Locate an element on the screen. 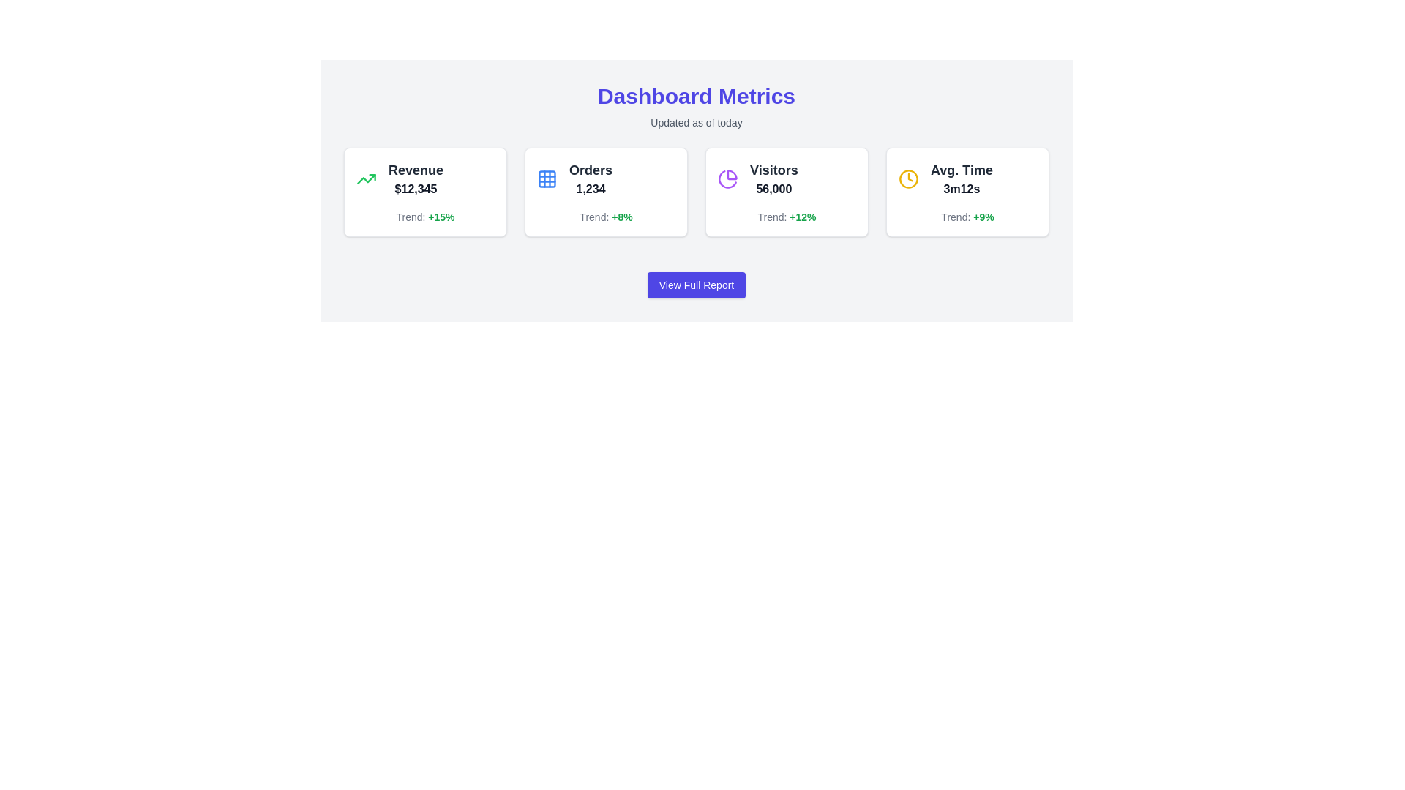 The width and height of the screenshot is (1405, 790). financial metric card displaying 'Revenue' with the value '$12,345' and trend indication '+15%', located in the upper-middle section of the dashboard is located at coordinates (424, 191).